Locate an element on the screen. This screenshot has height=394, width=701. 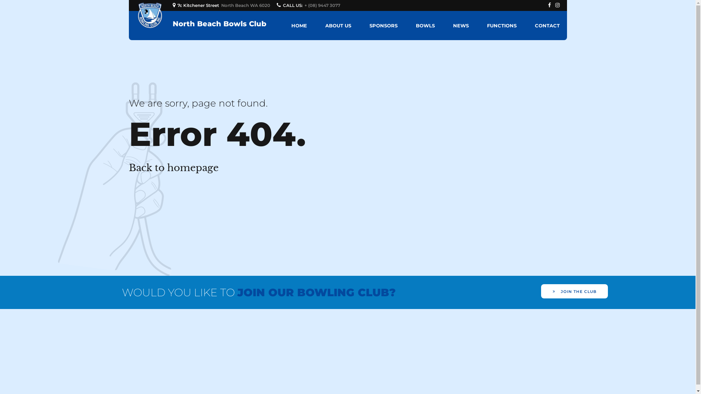
'FUNCTIONS' is located at coordinates (487, 25).